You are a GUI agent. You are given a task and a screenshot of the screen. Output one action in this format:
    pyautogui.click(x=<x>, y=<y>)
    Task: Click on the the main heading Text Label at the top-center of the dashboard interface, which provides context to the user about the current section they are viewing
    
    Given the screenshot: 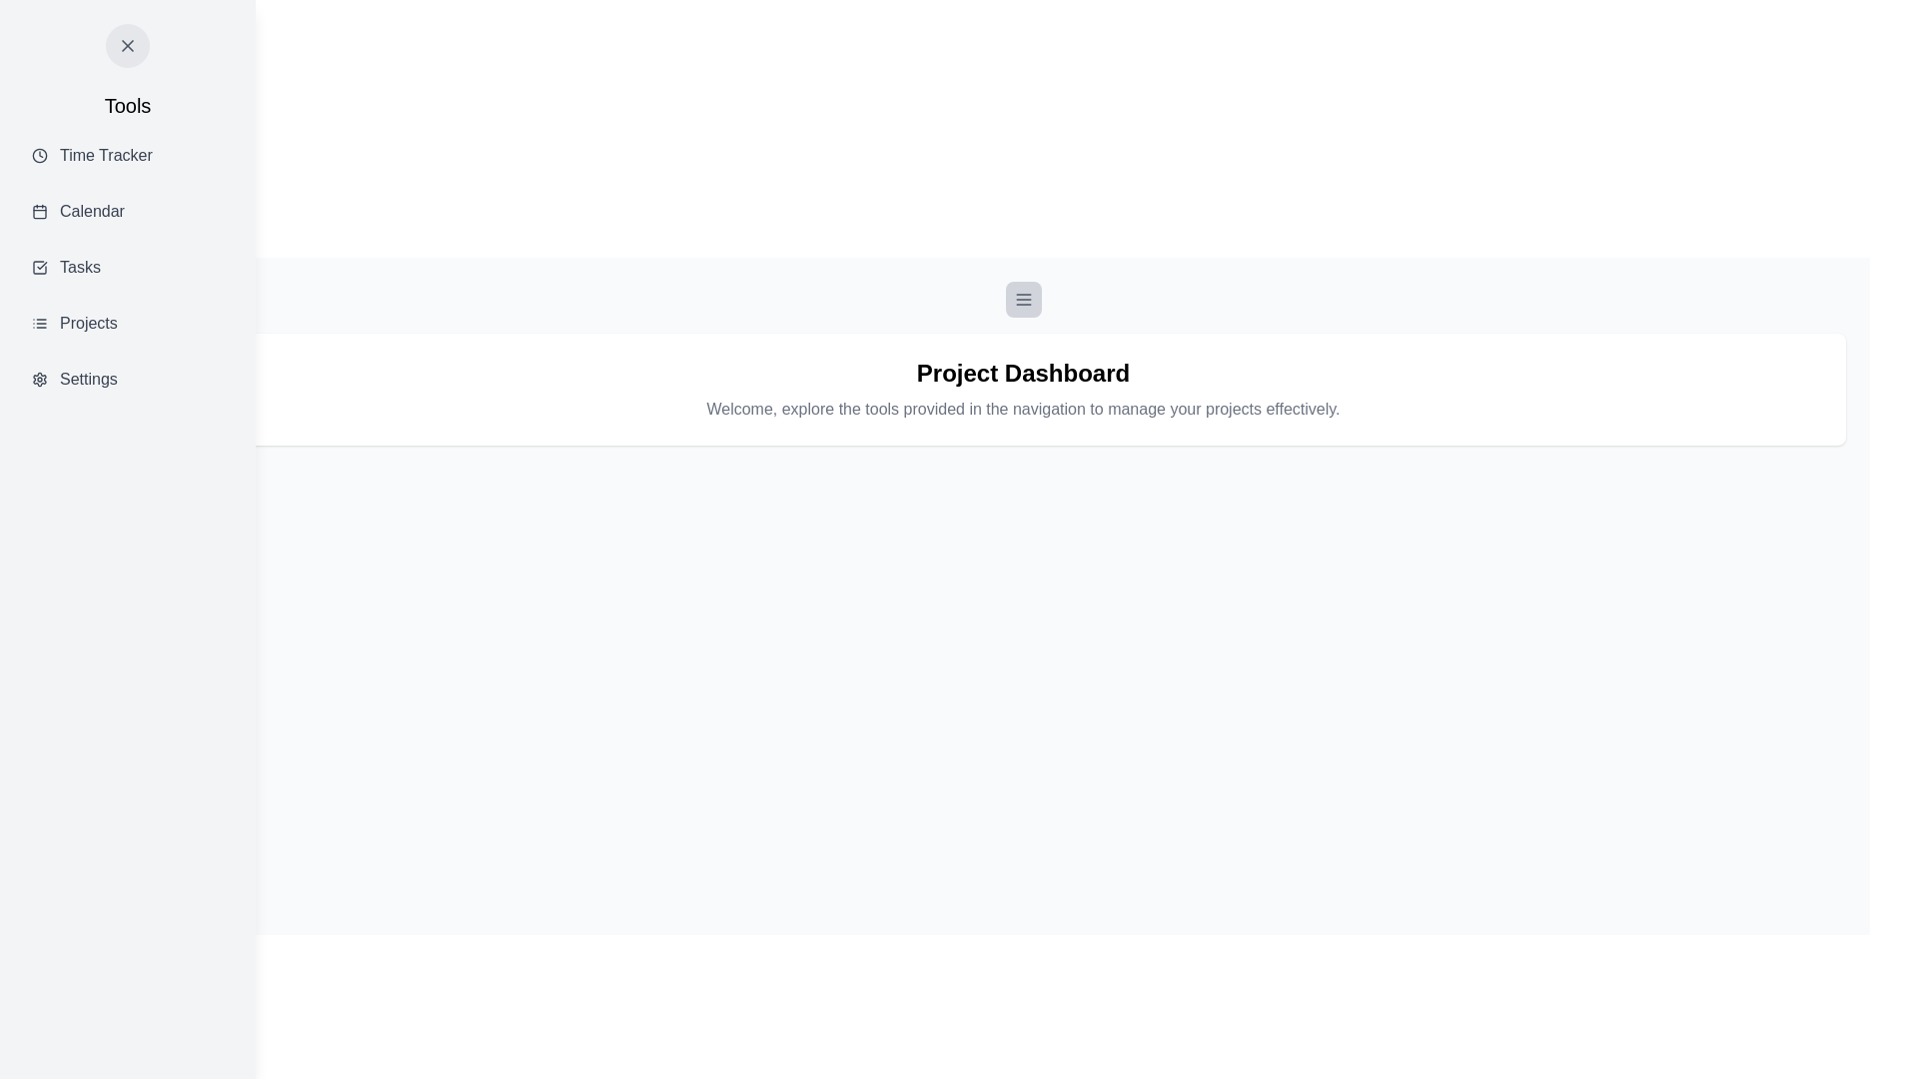 What is the action you would take?
    pyautogui.click(x=1023, y=374)
    